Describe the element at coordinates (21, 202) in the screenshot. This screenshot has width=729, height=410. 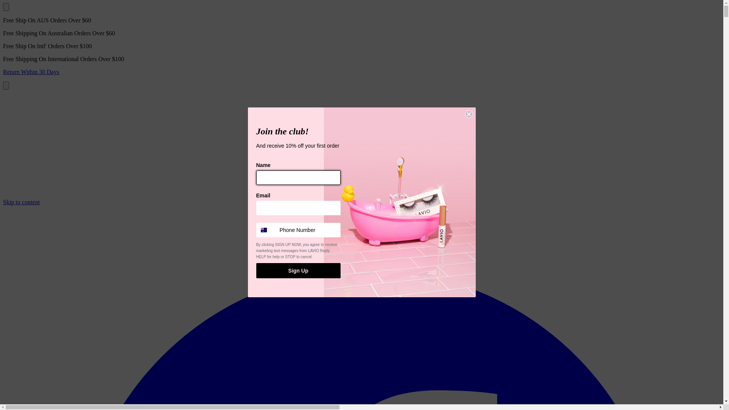
I see `'Skip to content'` at that location.